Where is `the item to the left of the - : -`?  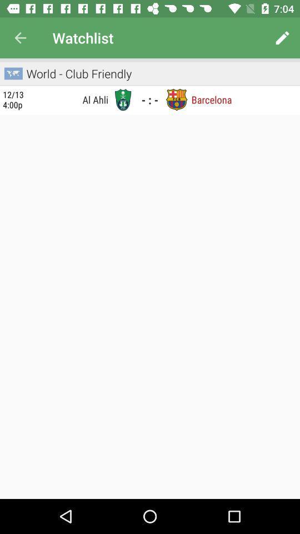
the item to the left of the - : - is located at coordinates (122, 99).